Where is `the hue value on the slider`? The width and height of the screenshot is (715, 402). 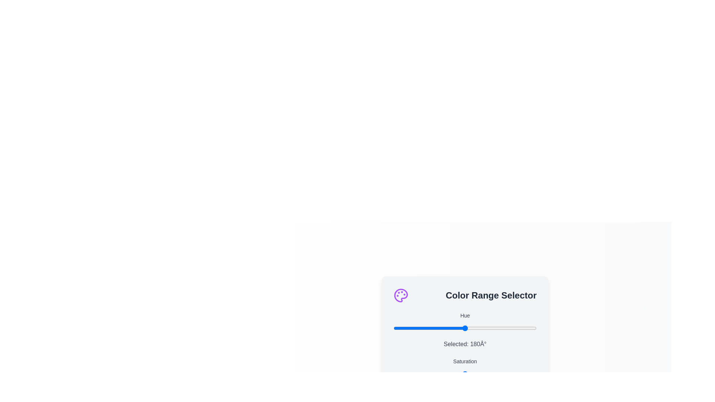 the hue value on the slider is located at coordinates (522, 328).